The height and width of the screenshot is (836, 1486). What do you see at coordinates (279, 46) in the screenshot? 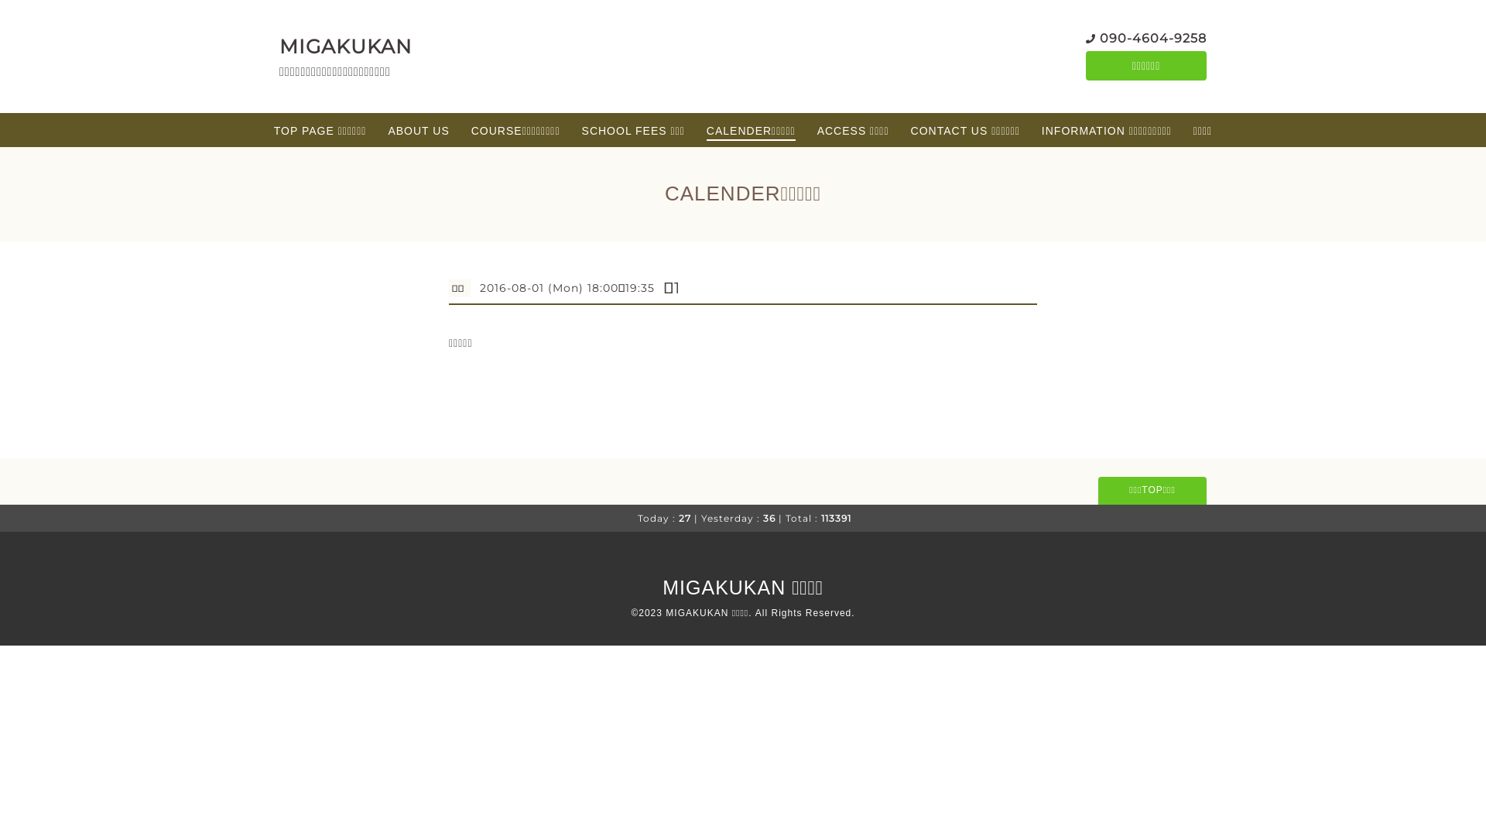
I see `'MIGAKUKAN'` at bounding box center [279, 46].